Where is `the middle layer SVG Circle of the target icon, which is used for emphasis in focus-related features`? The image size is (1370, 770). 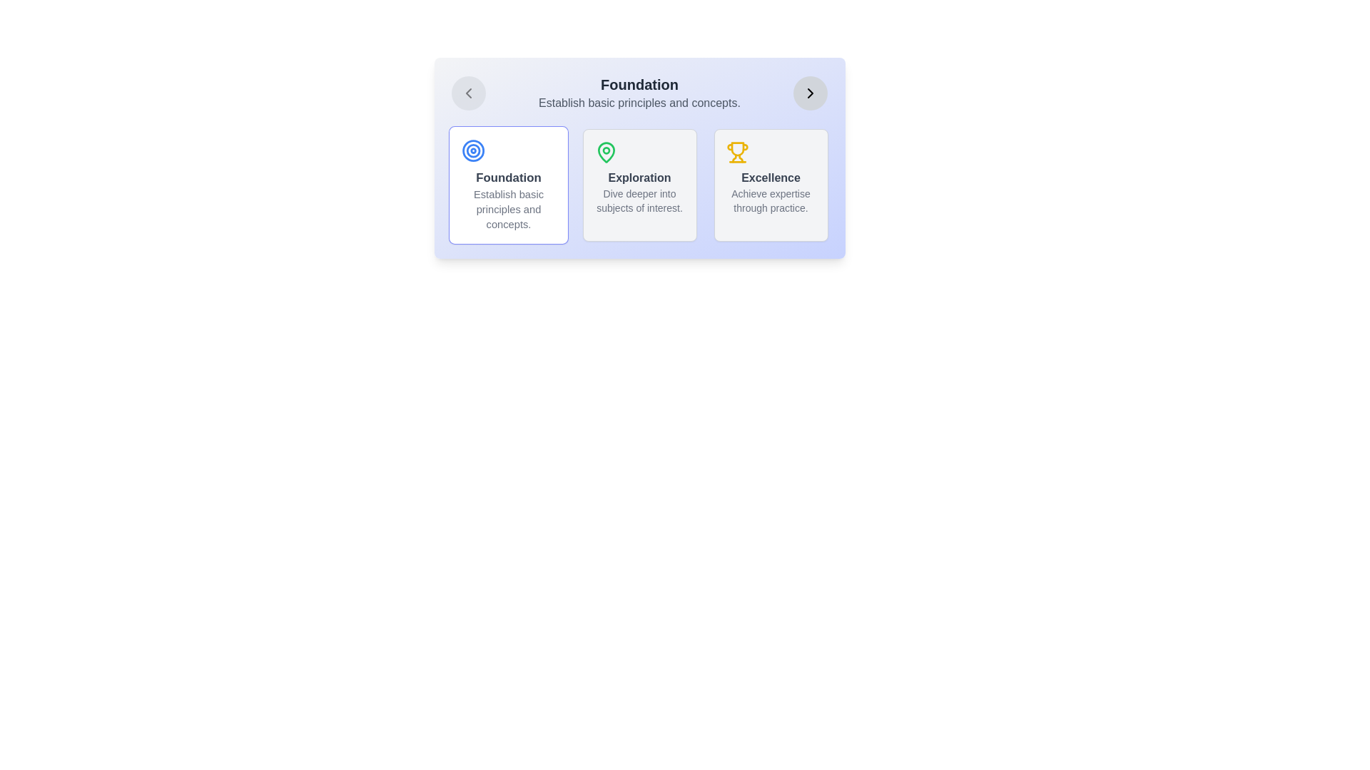 the middle layer SVG Circle of the target icon, which is used for emphasis in focus-related features is located at coordinates (473, 150).